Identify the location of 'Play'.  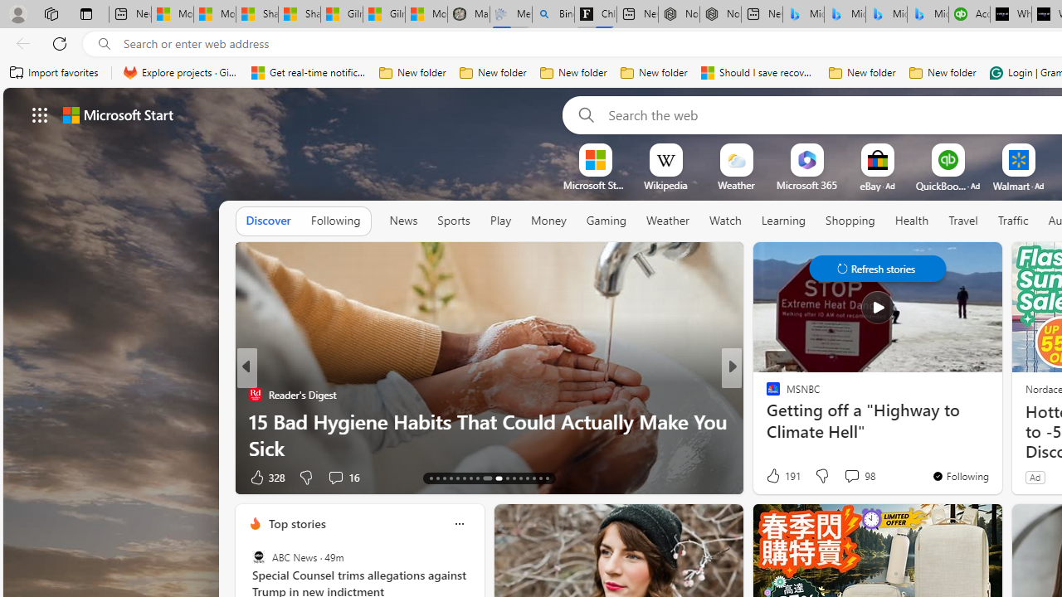
(499, 221).